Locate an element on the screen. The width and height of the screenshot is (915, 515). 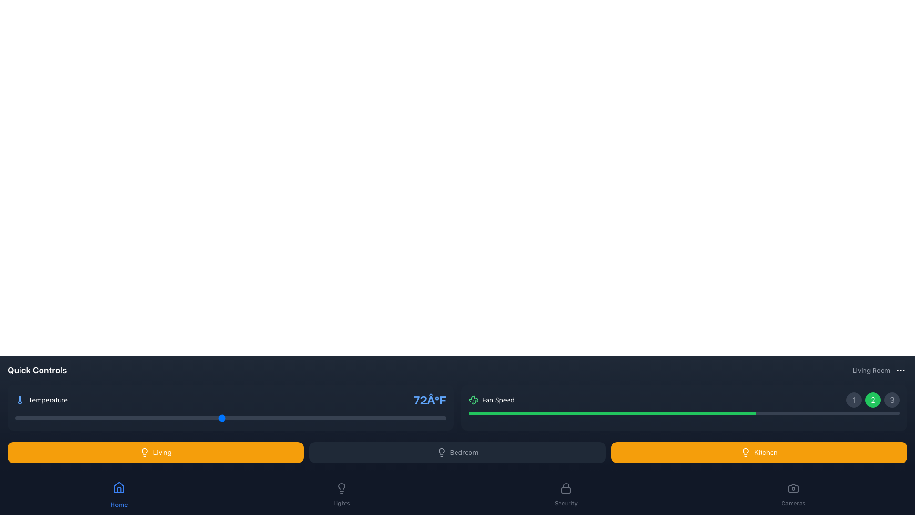
the handle of the temperature range slider, which is positioned below the text 'Temperature' and displays a value of '72°F' is located at coordinates (231, 417).